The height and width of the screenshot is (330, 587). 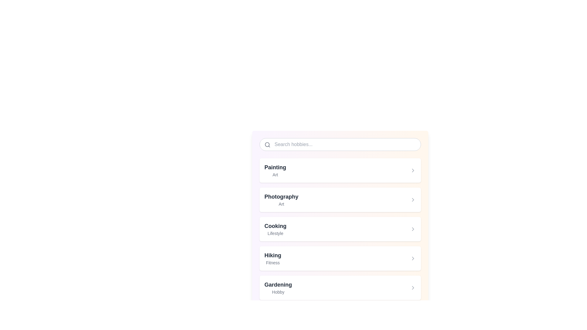 What do you see at coordinates (272, 262) in the screenshot?
I see `the text-label component displaying 'Fitness' located below the title 'Hiking' in the fourth list item of a vertically-stacked list` at bounding box center [272, 262].